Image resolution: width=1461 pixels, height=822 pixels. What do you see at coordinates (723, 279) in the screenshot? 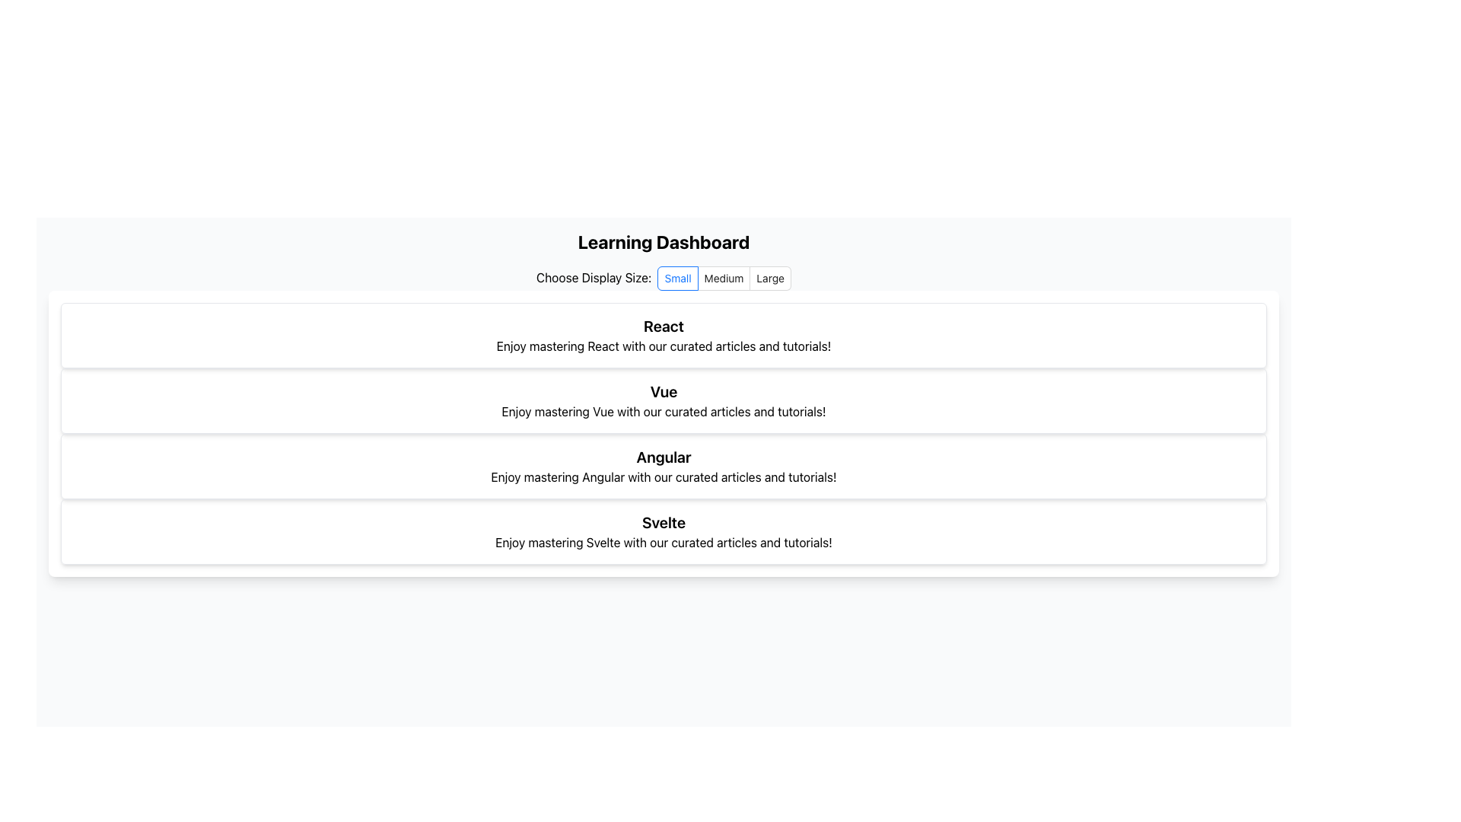
I see `the 'Medium' radio button in the 'Choose Display Size' group` at bounding box center [723, 279].